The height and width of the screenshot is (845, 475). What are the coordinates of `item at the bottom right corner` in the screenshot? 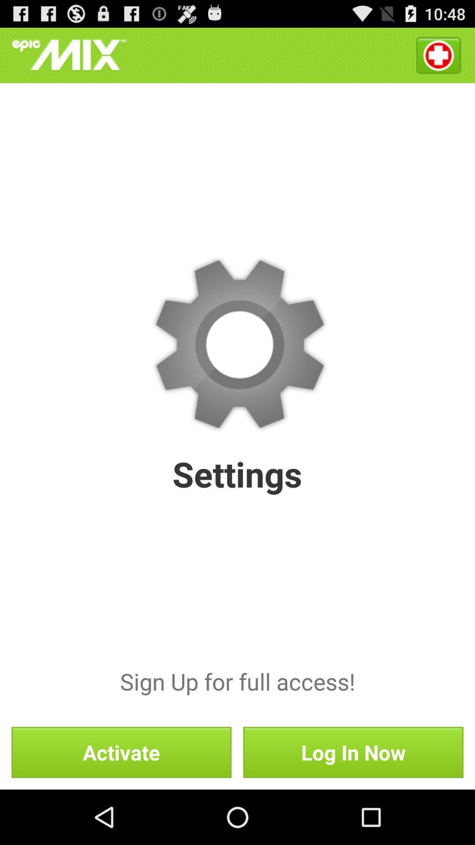 It's located at (353, 752).